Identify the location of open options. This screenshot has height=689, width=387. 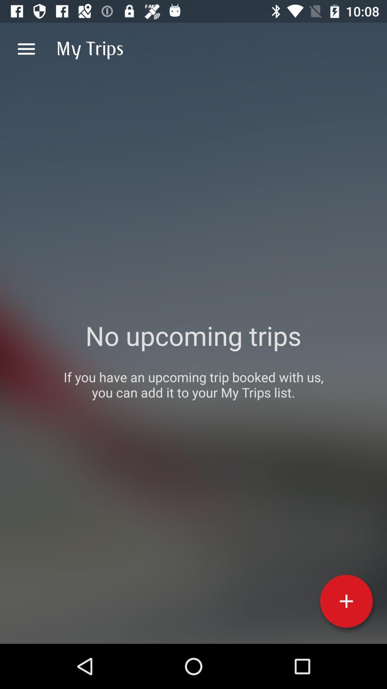
(26, 48).